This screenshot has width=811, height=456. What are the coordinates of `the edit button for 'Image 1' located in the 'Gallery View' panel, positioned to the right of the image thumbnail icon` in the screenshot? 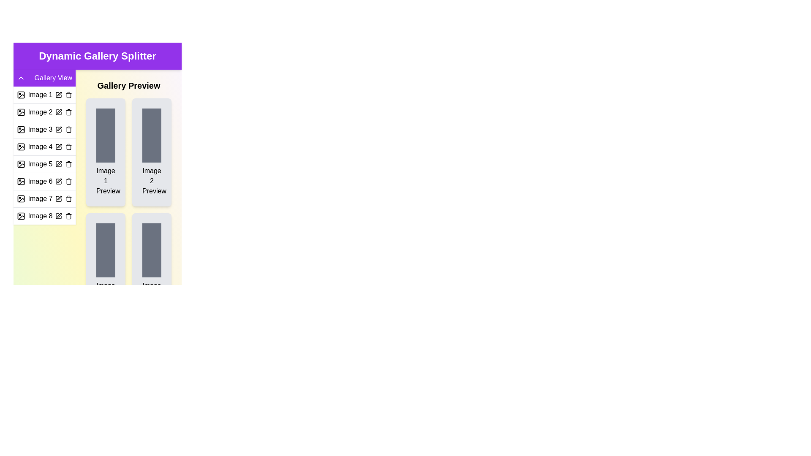 It's located at (58, 95).